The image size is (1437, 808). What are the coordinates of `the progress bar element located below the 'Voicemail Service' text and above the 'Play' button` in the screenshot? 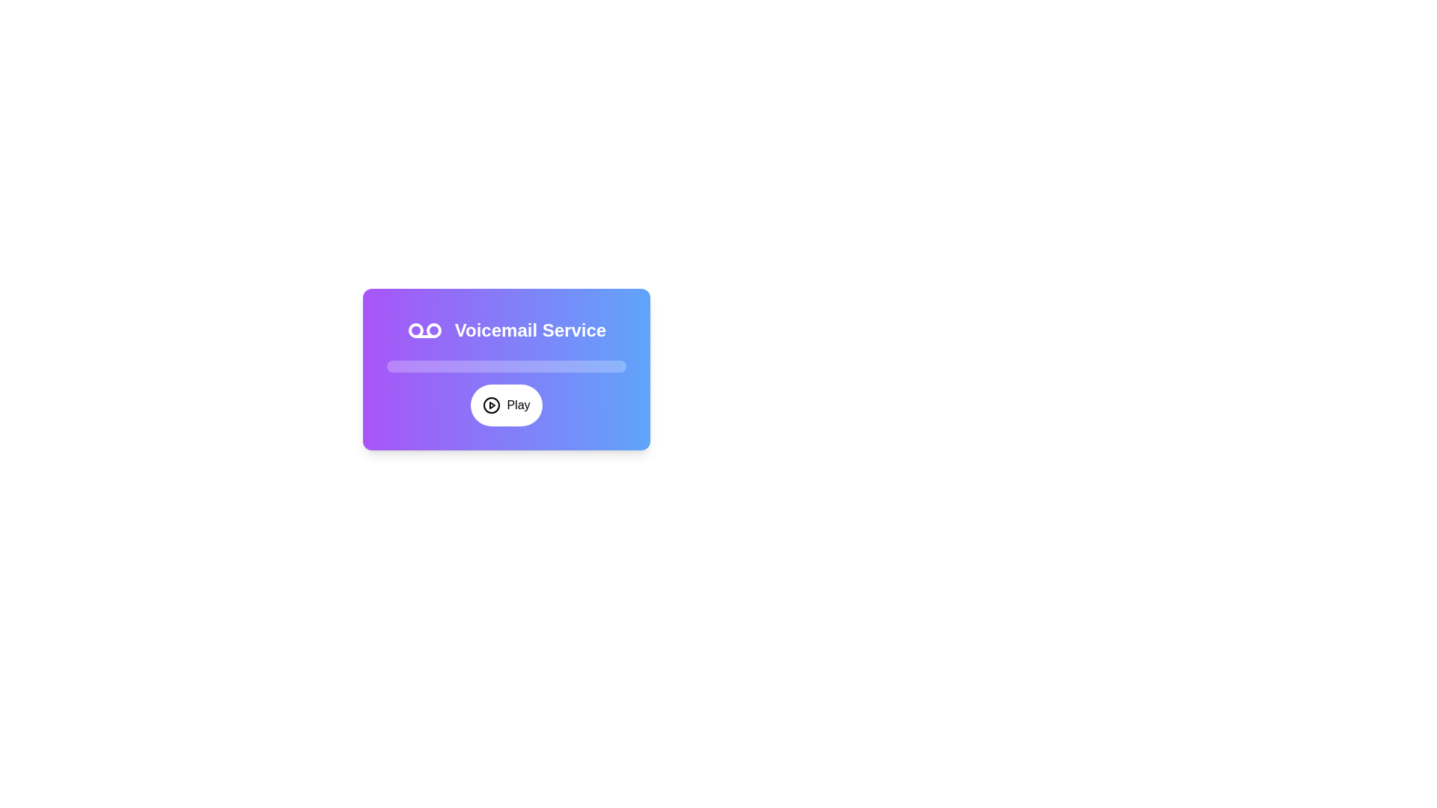 It's located at (506, 366).